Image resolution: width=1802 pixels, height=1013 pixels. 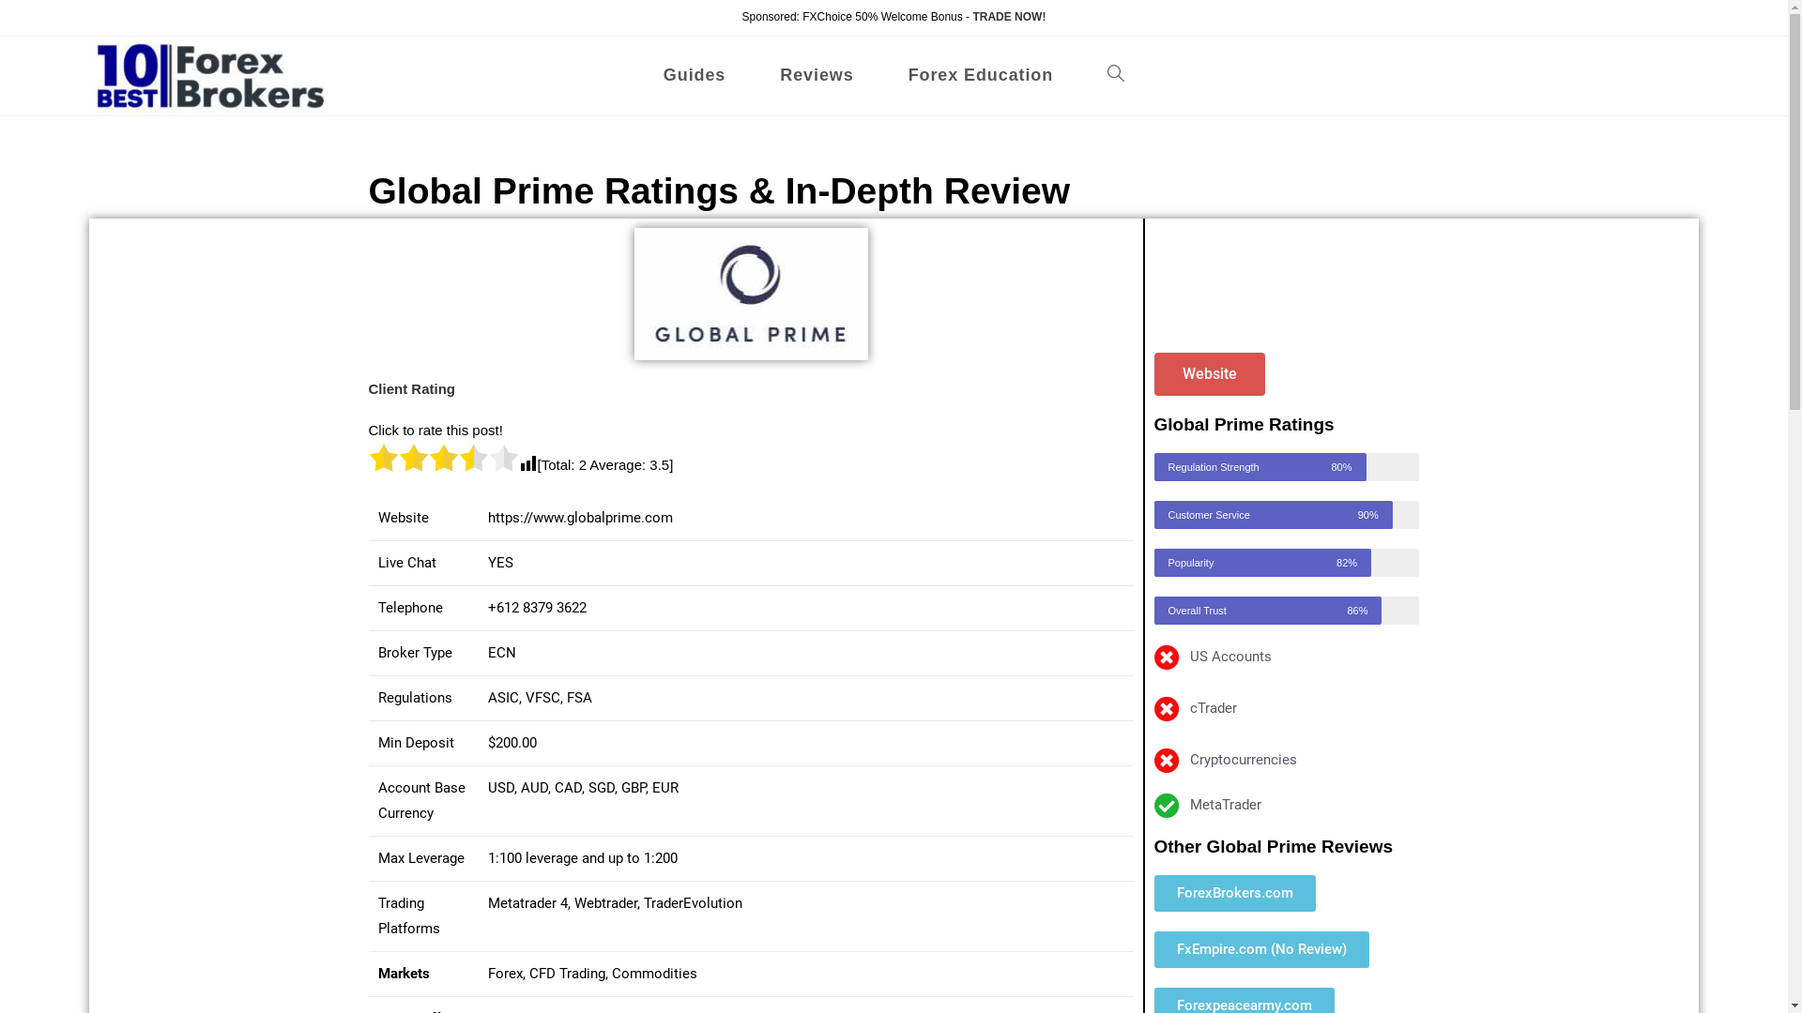 I want to click on 'TRADE NOW!', so click(x=1008, y=17).